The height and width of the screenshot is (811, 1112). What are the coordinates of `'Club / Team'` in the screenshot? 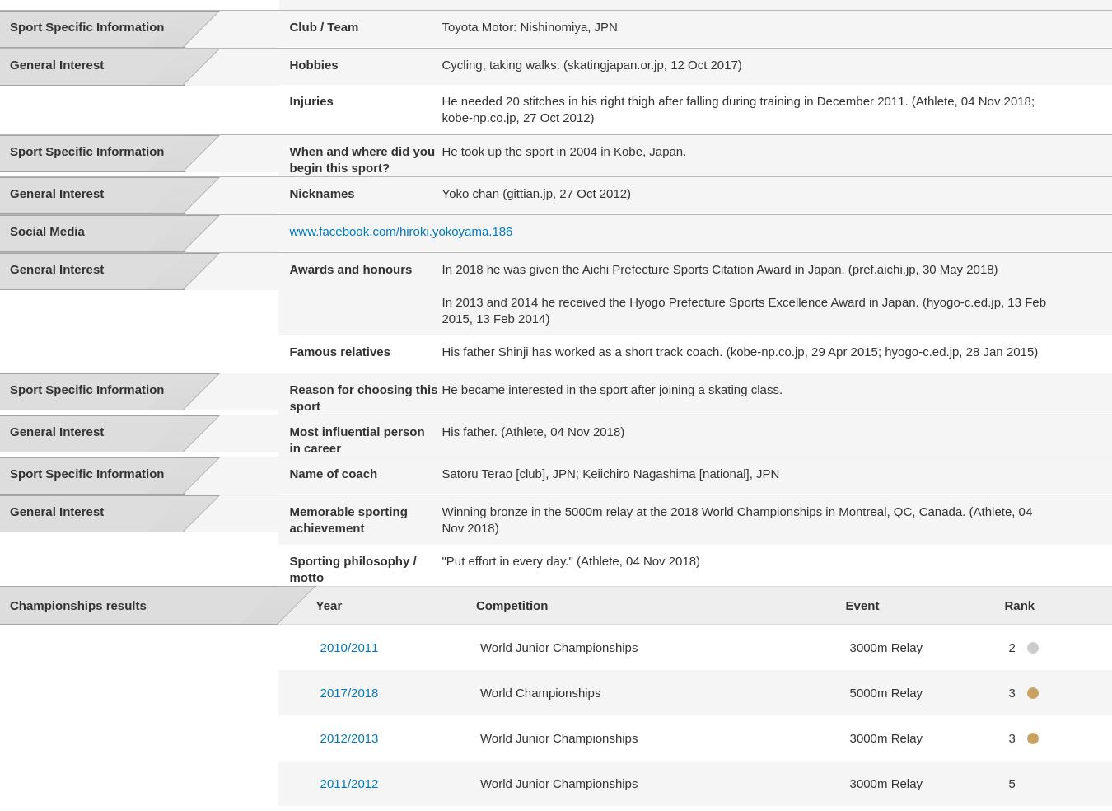 It's located at (323, 26).